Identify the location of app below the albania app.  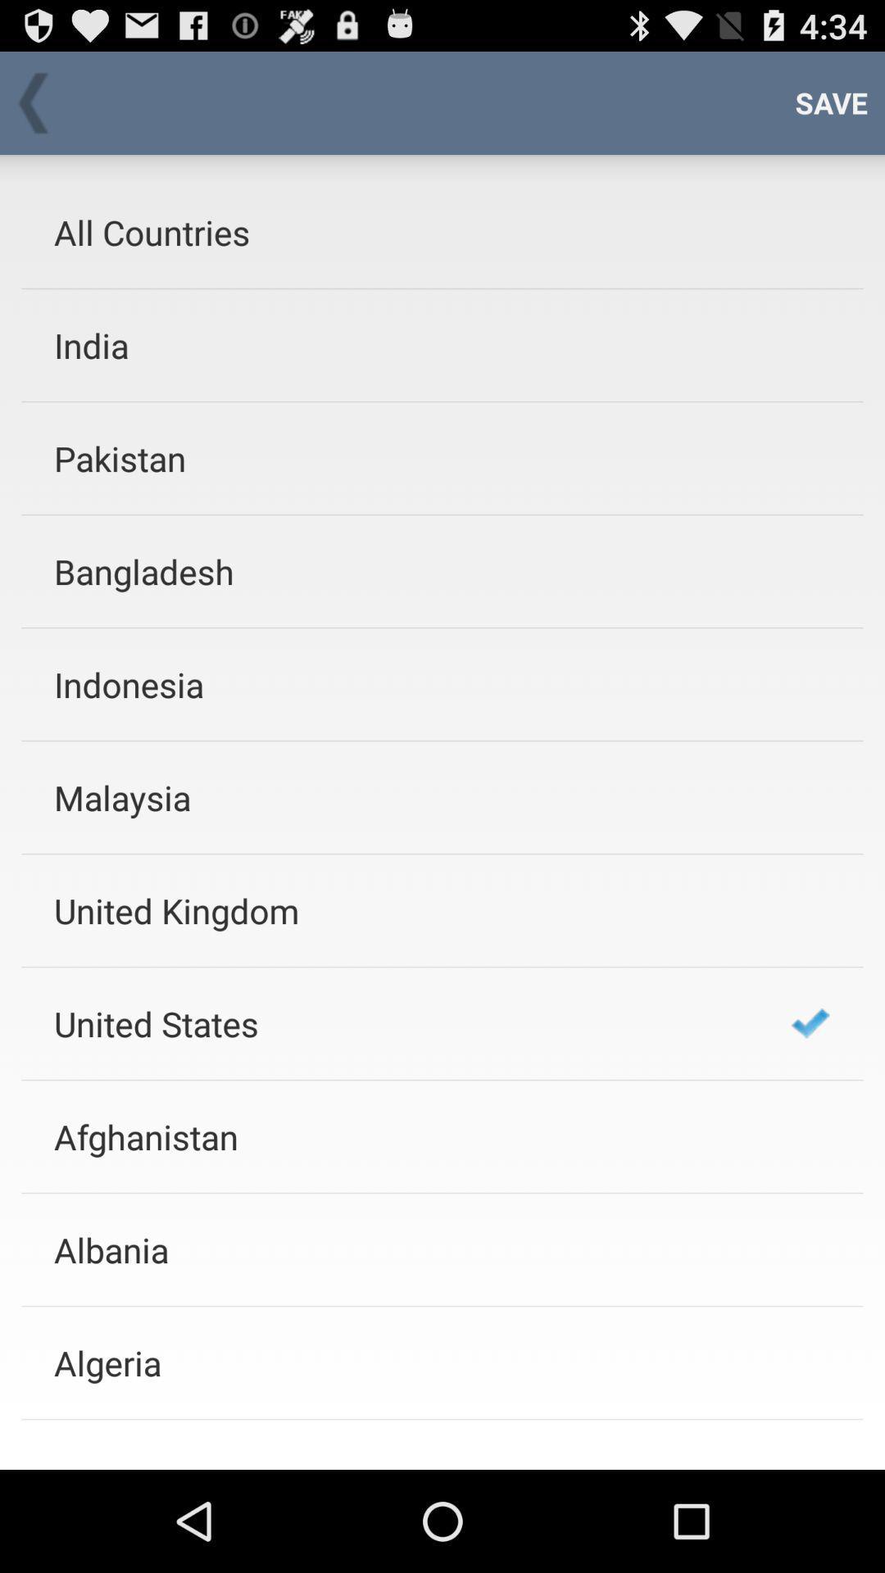
(401, 1362).